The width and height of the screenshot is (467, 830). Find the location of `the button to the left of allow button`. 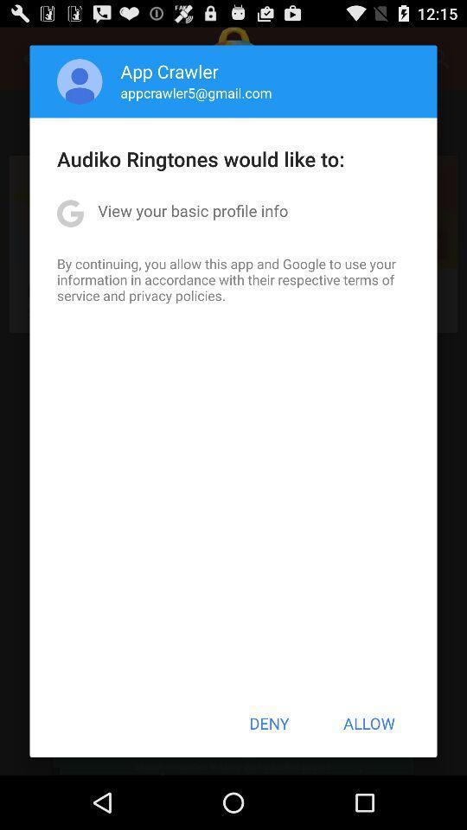

the button to the left of allow button is located at coordinates (269, 723).